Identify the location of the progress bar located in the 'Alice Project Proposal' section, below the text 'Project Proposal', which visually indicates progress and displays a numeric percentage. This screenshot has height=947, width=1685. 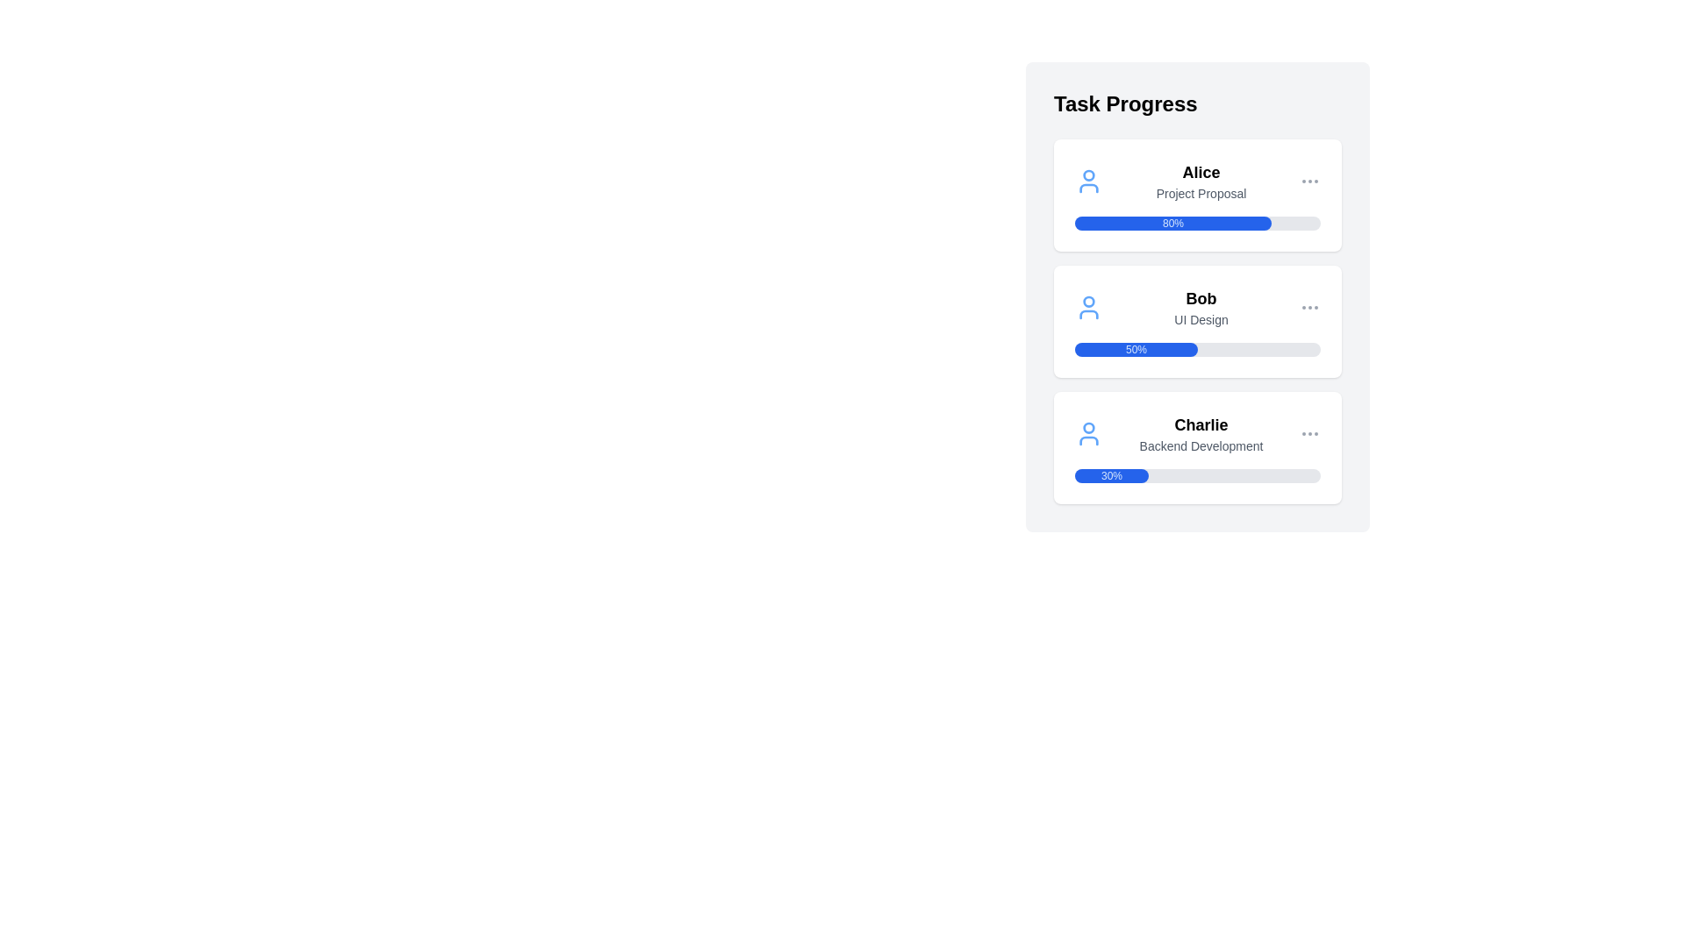
(1196, 222).